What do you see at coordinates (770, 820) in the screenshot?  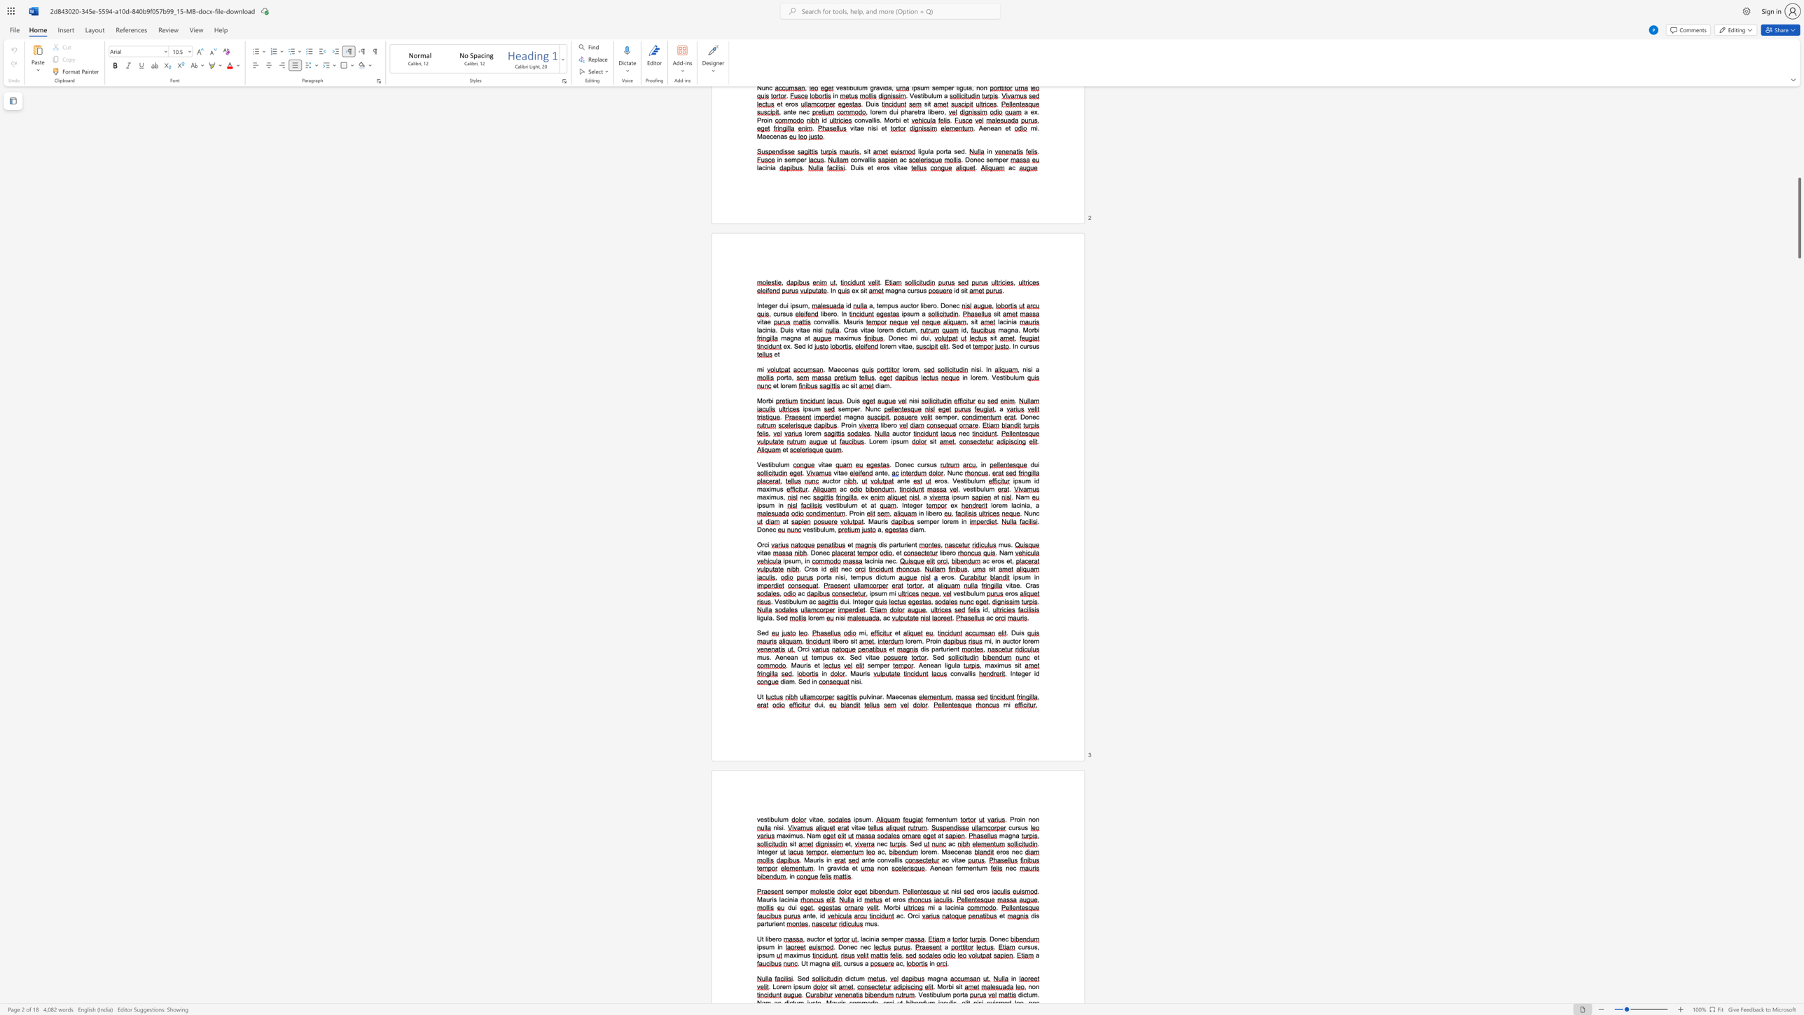 I see `the space between the continuous character "i" and "b" in the text` at bounding box center [770, 820].